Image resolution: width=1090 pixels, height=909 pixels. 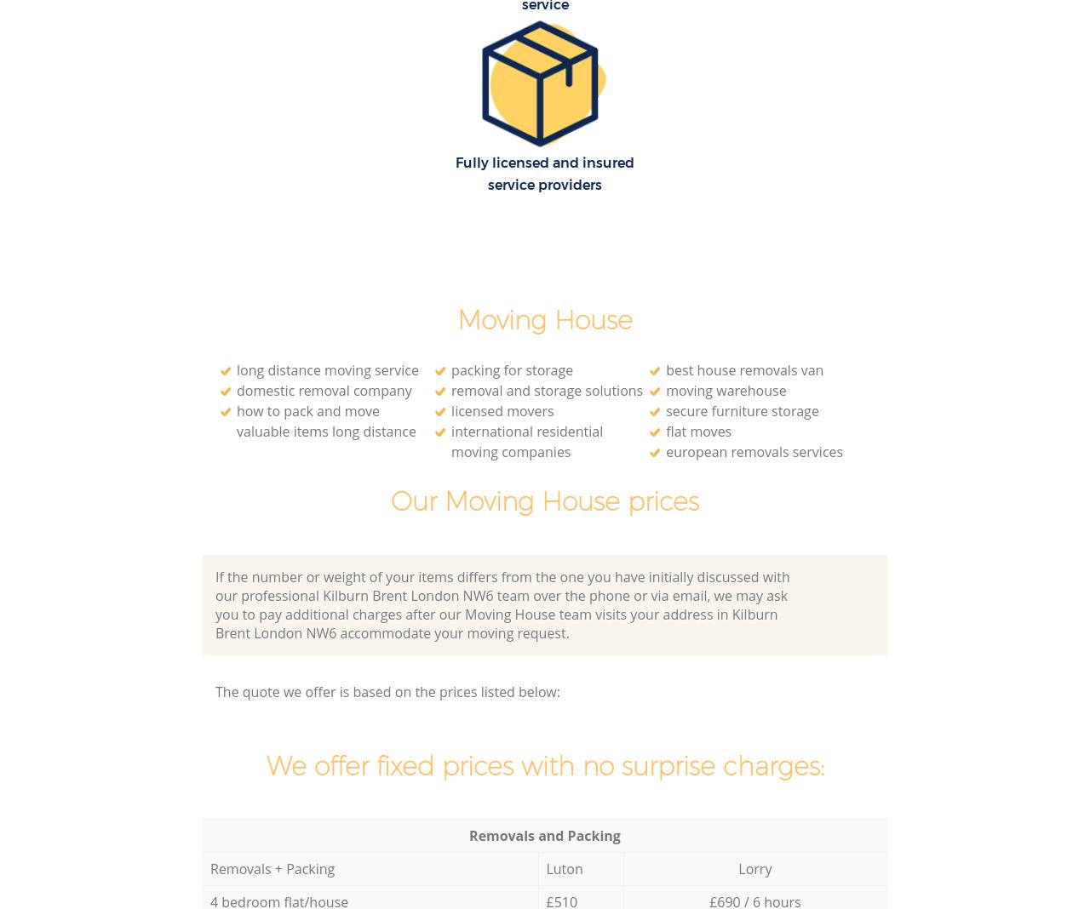 I want to click on 'Removals and Packing', so click(x=469, y=834).